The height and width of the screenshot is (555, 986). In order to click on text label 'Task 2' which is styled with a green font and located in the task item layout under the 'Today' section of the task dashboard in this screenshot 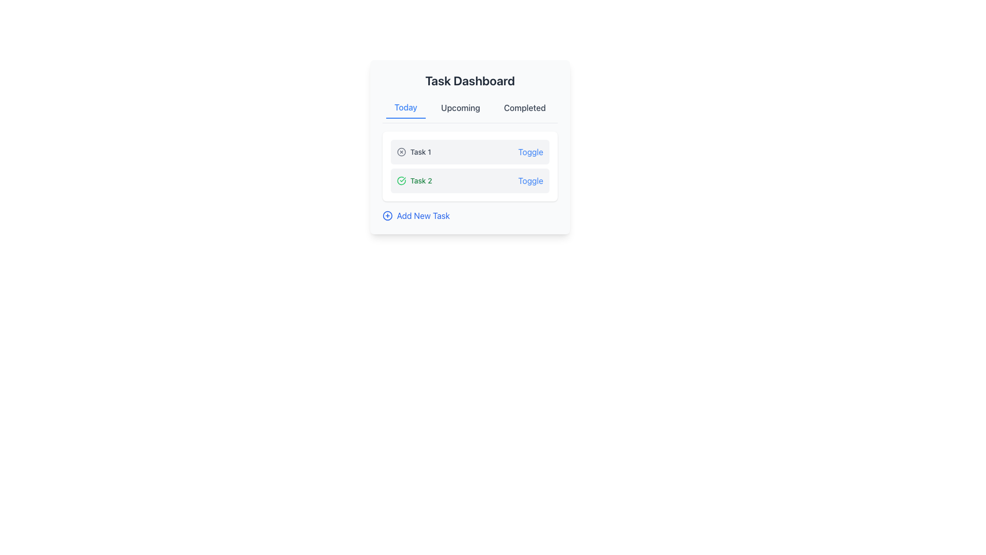, I will do `click(414, 180)`.